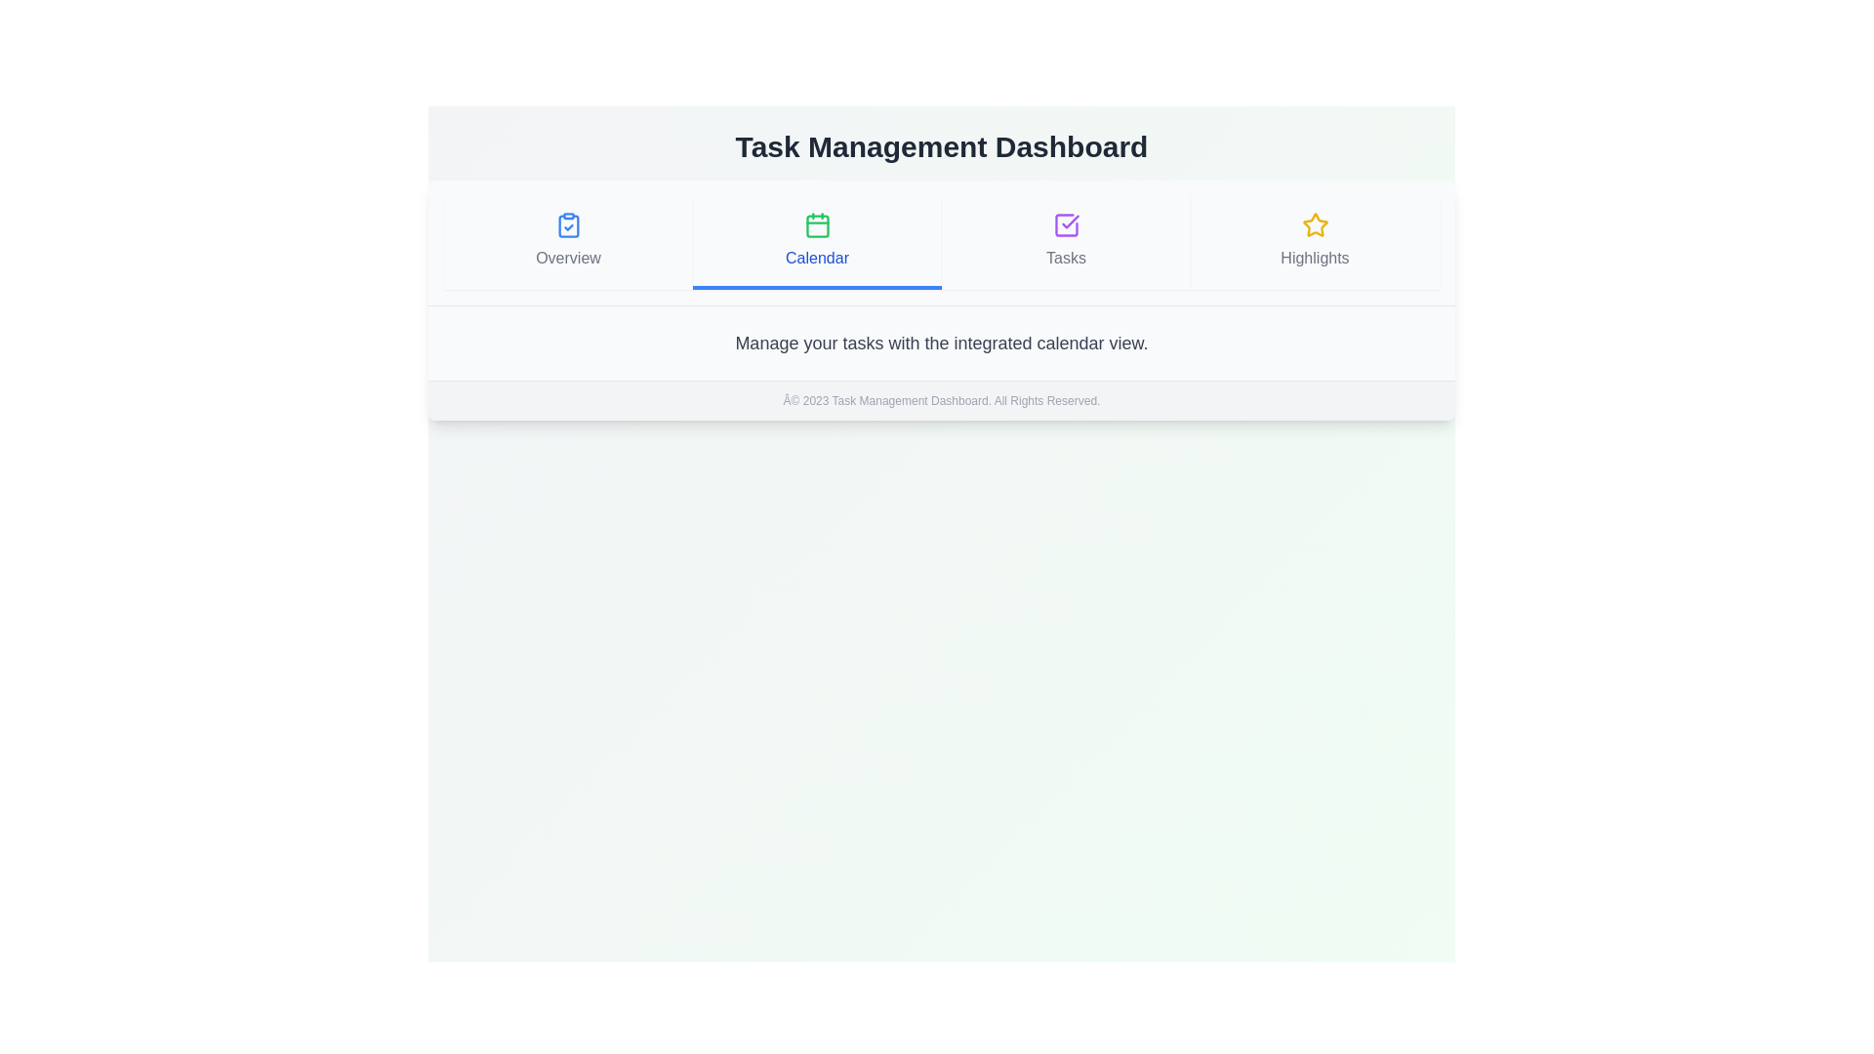 This screenshot has height=1054, width=1874. What do you see at coordinates (567, 239) in the screenshot?
I see `the 'Overview' tab in the horizontal navigation menu at the top of the main interface` at bounding box center [567, 239].